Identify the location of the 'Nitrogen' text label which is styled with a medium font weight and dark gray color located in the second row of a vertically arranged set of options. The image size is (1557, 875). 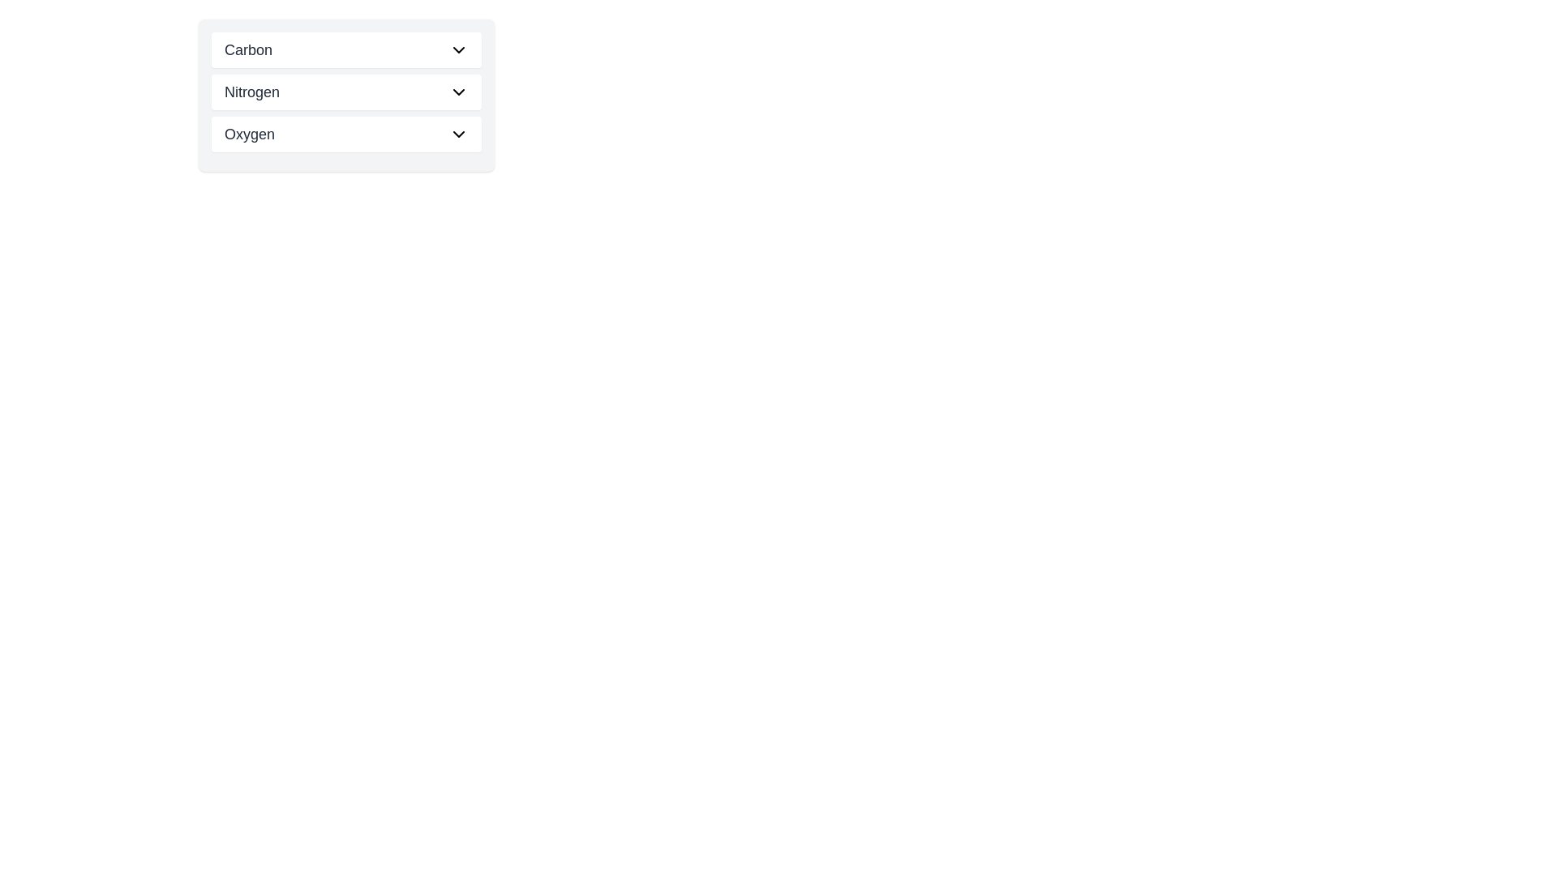
(251, 92).